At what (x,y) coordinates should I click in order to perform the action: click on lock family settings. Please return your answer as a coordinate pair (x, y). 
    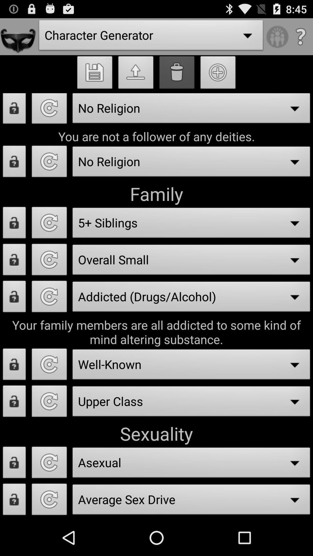
    Looking at the image, I should click on (14, 224).